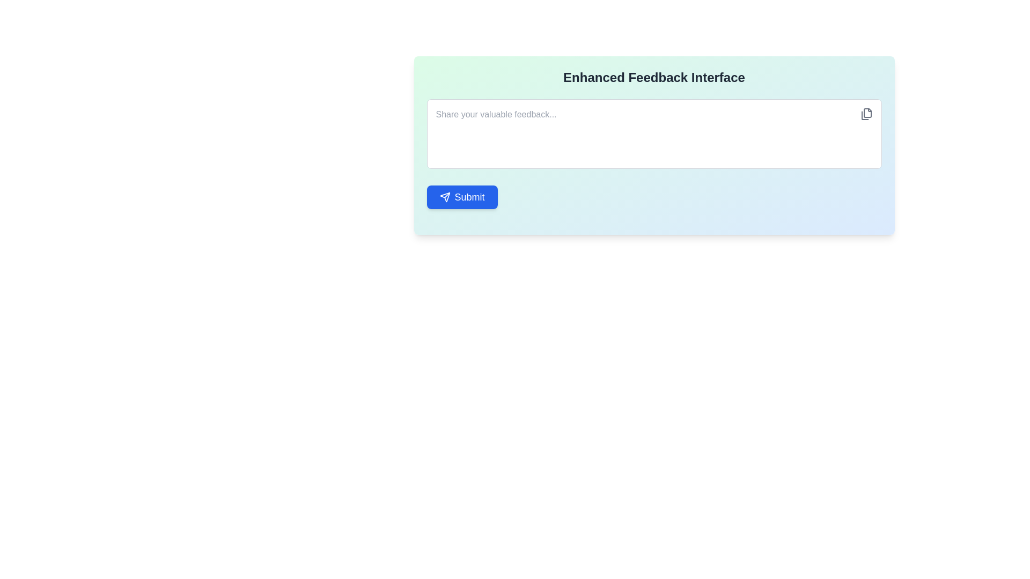 This screenshot has width=1030, height=579. Describe the element at coordinates (445, 197) in the screenshot. I see `the 'send' icon located inside the blue button at the bottom-left of the card, which signifies a submission or forwarding action` at that location.